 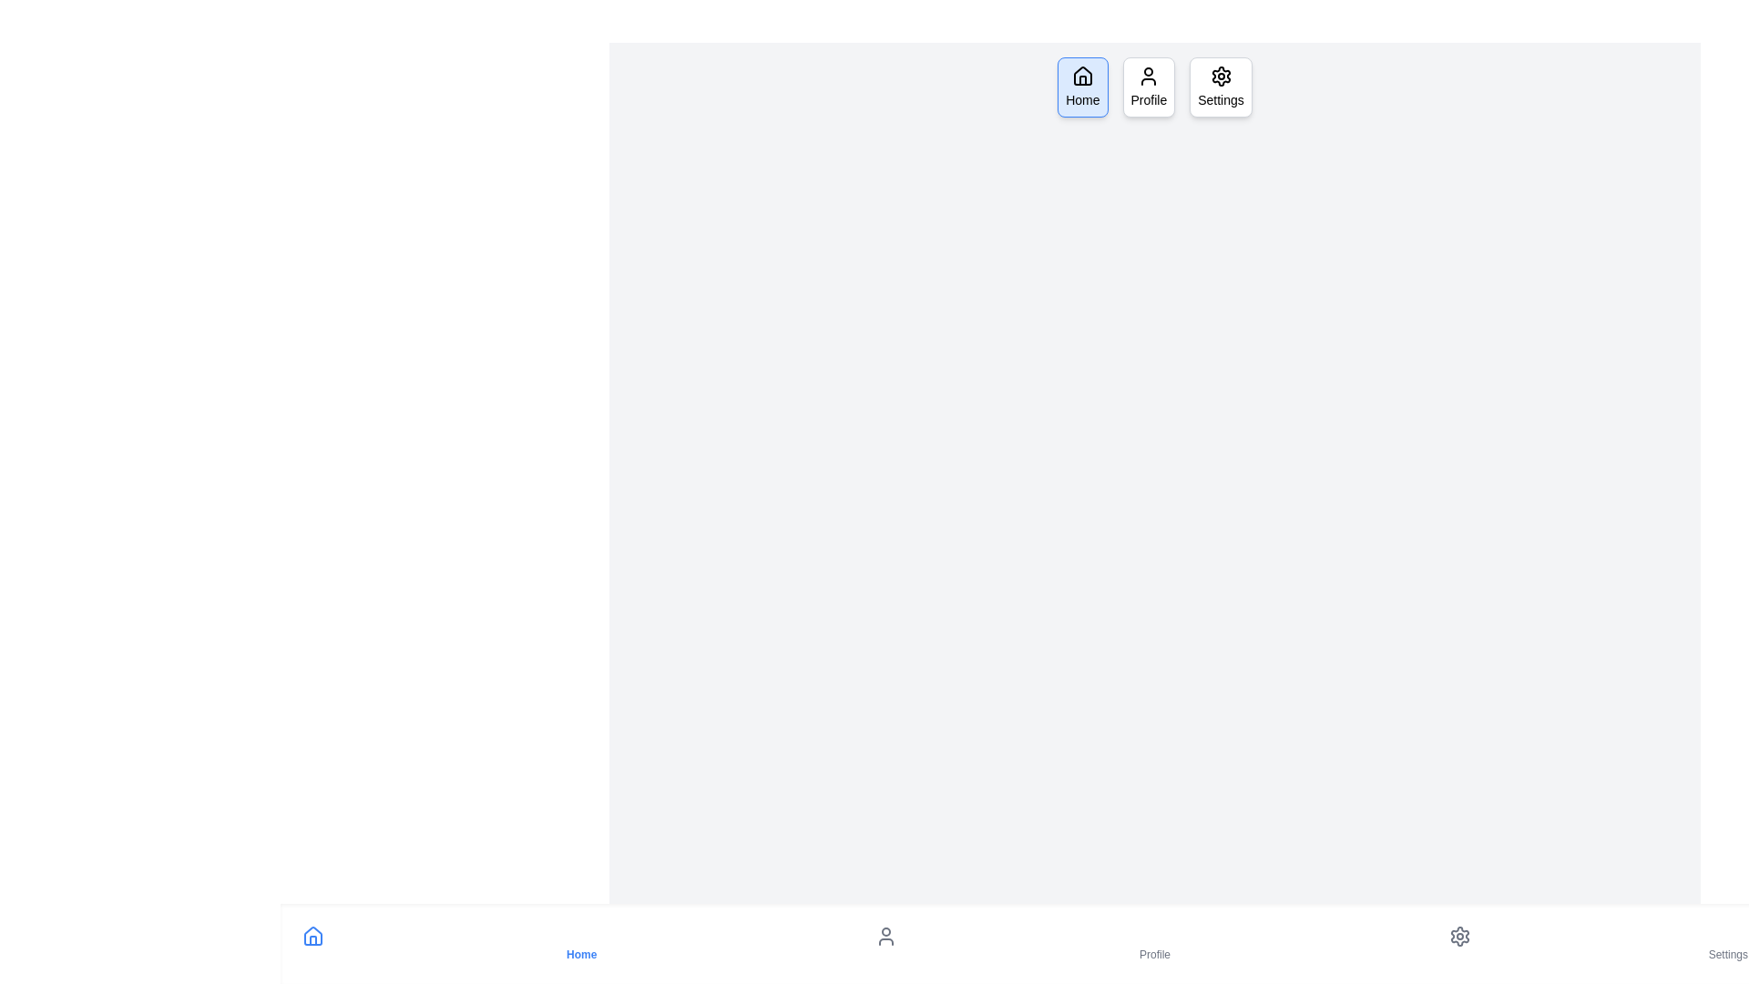 What do you see at coordinates (580, 943) in the screenshot?
I see `the Home navigation button located in the bottom navigation bar to redirect to the Home page` at bounding box center [580, 943].